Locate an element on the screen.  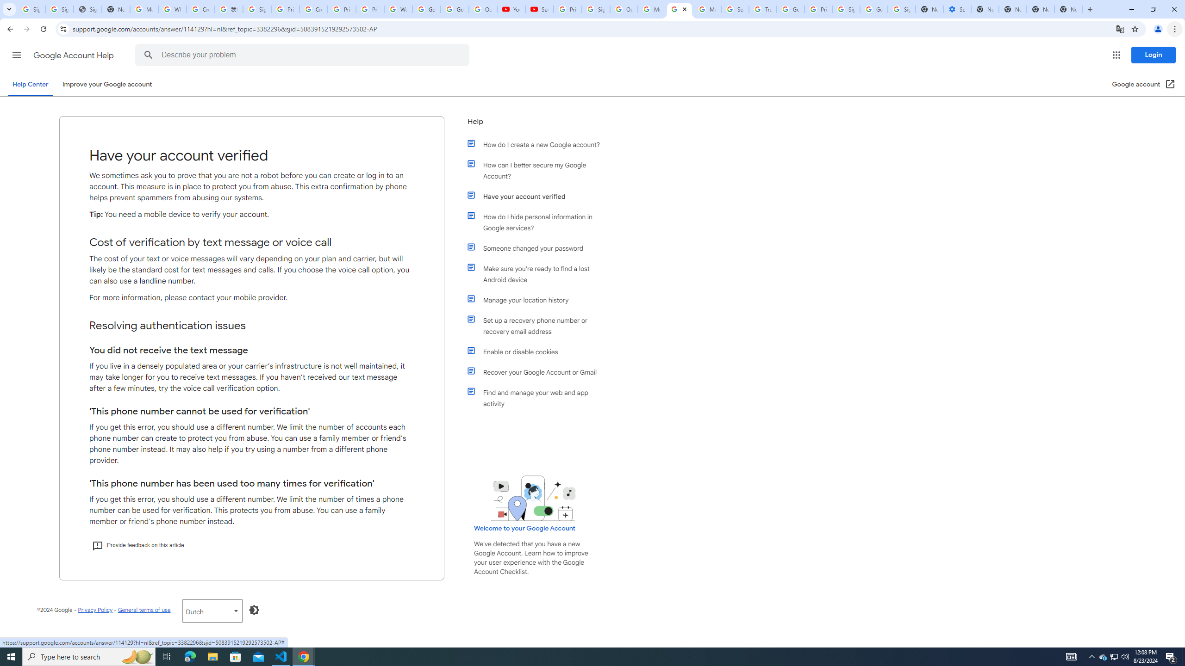
'Google Ads - Sign in' is located at coordinates (790, 9).